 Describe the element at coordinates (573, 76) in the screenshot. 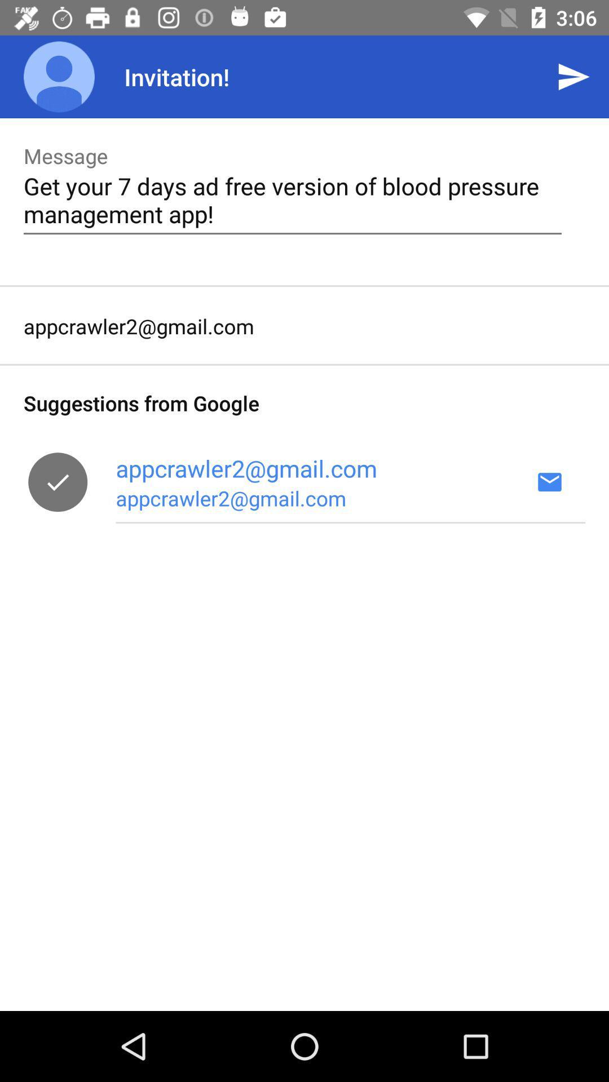

I see `the icon at the top right corner` at that location.